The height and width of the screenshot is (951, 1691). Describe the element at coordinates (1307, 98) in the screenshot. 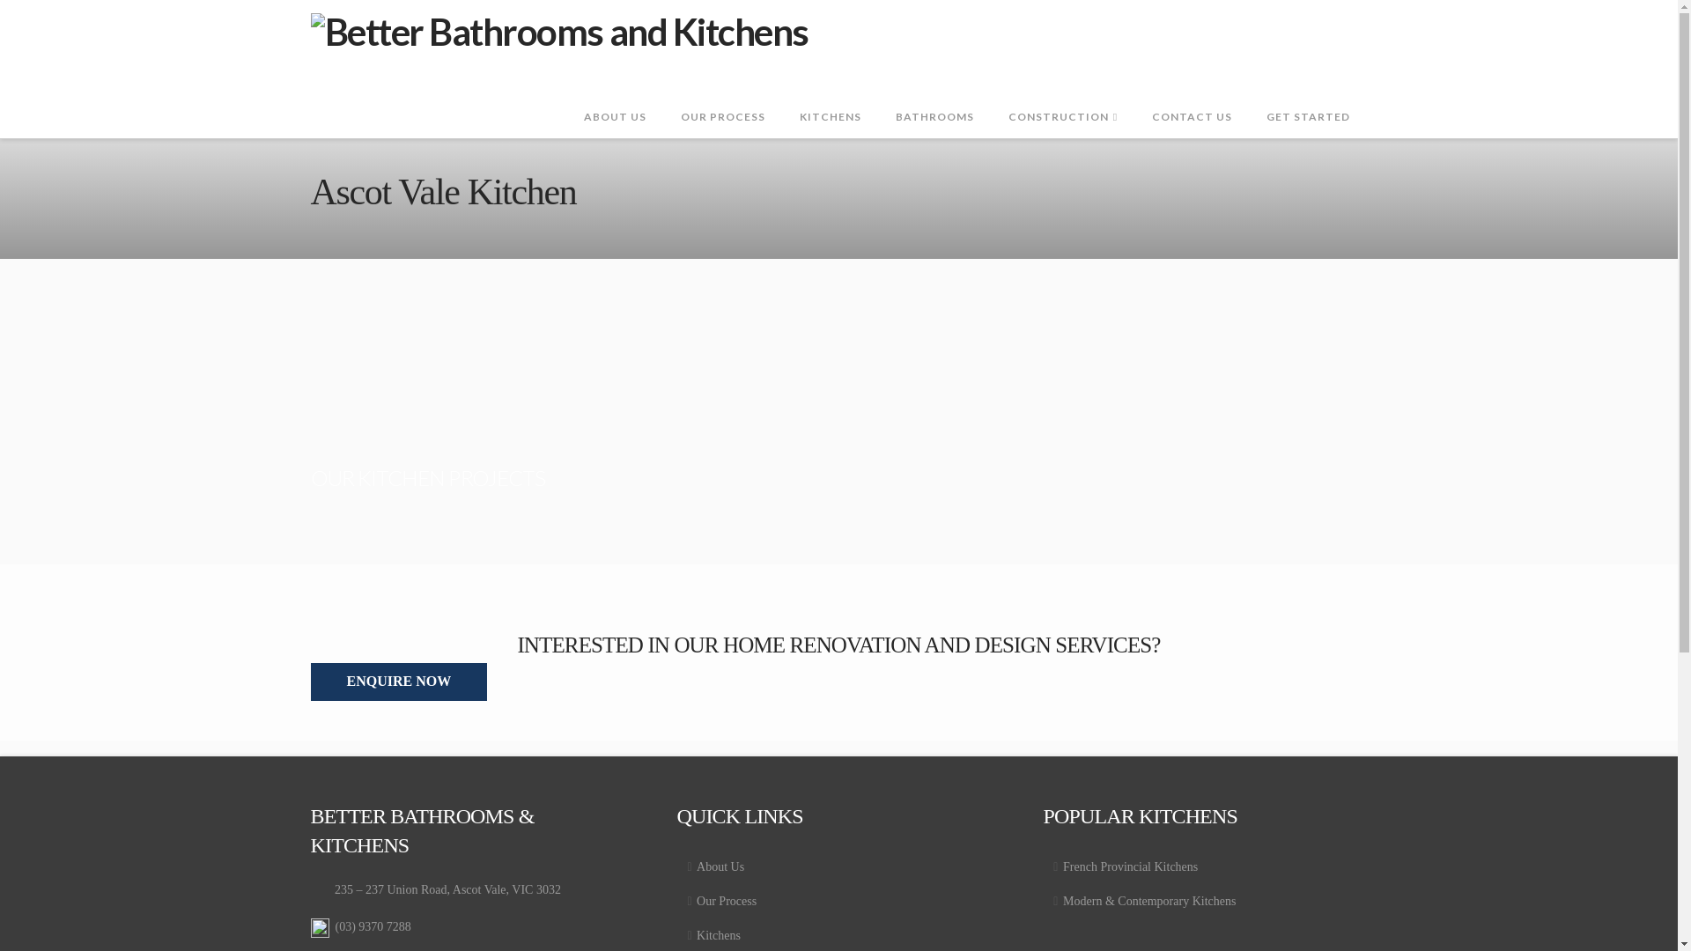

I see `'GET STARTED'` at that location.